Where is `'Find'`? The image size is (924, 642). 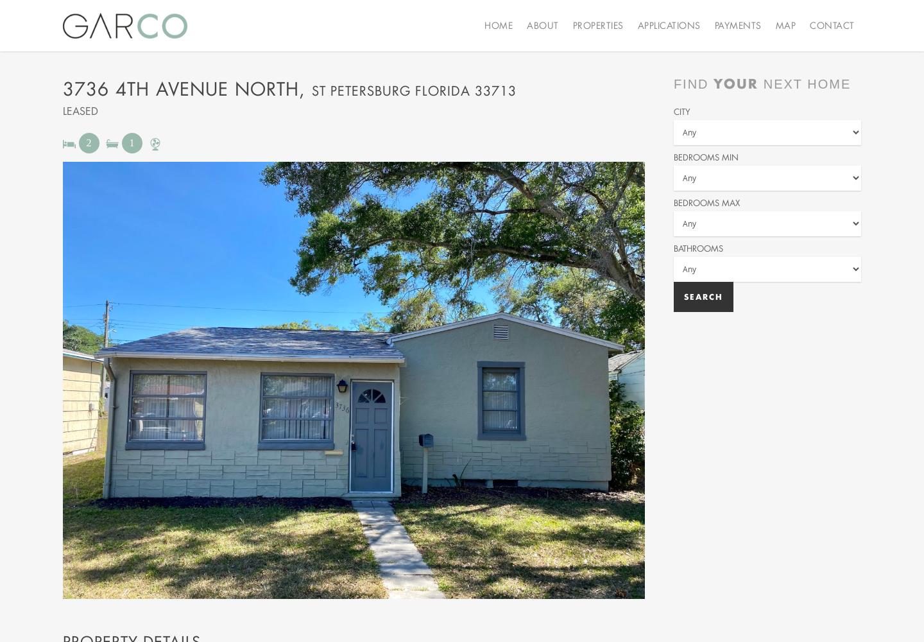 'Find' is located at coordinates (693, 84).